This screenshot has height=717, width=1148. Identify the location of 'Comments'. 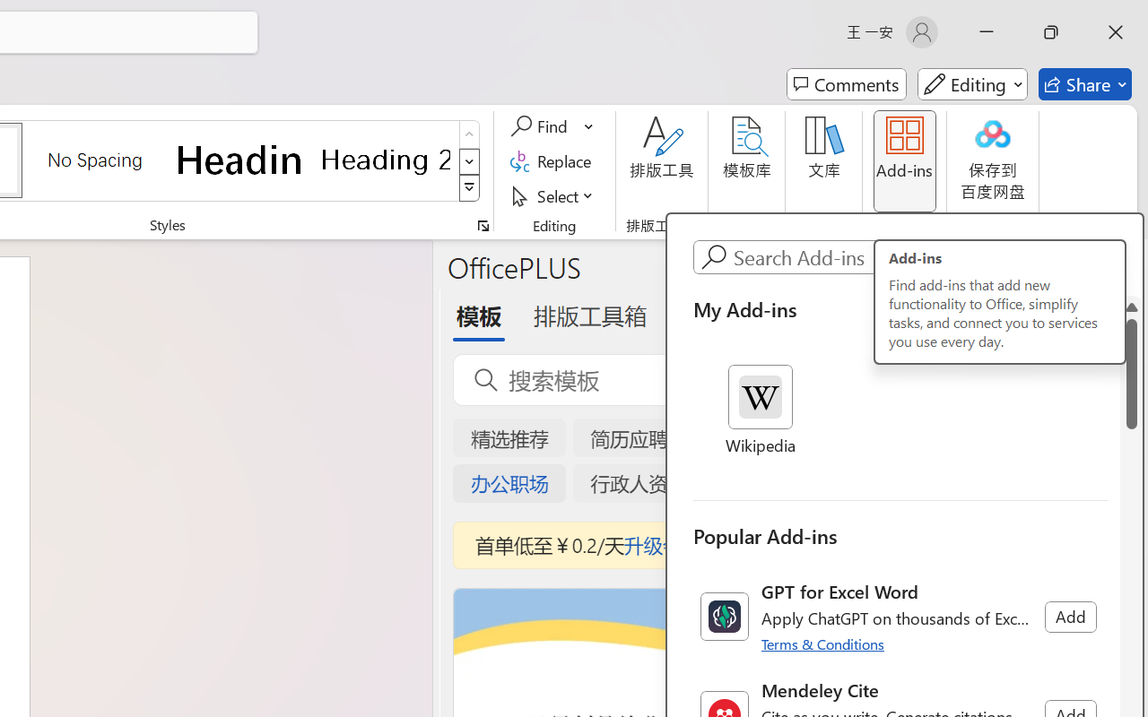
(846, 84).